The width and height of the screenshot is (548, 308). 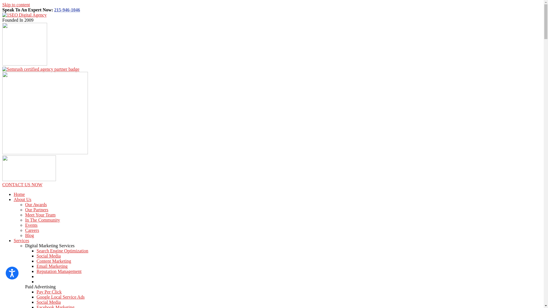 What do you see at coordinates (54, 261) in the screenshot?
I see `'Content Marketing'` at bounding box center [54, 261].